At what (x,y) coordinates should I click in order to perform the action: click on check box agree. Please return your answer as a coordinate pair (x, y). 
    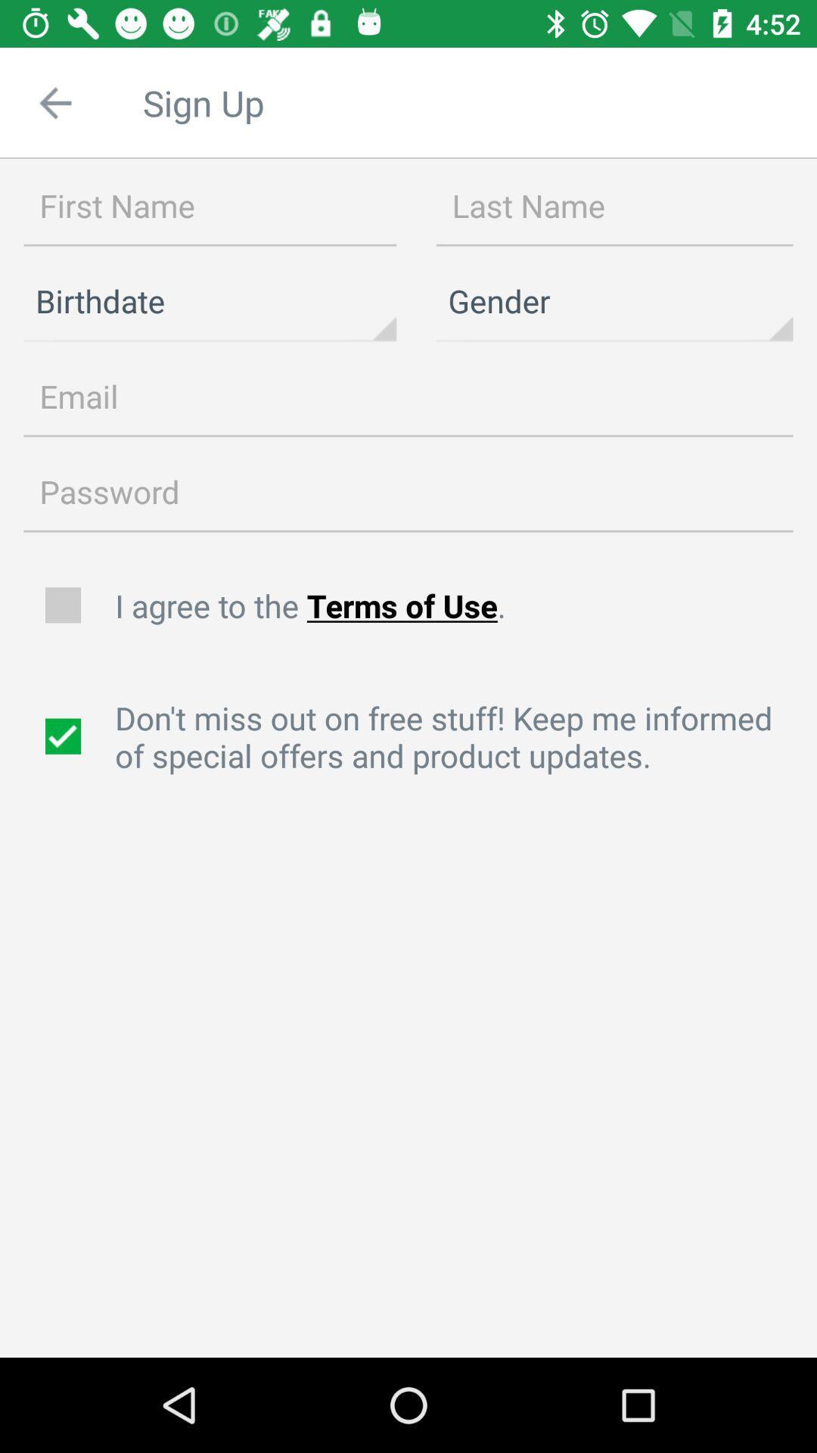
    Looking at the image, I should click on (64, 605).